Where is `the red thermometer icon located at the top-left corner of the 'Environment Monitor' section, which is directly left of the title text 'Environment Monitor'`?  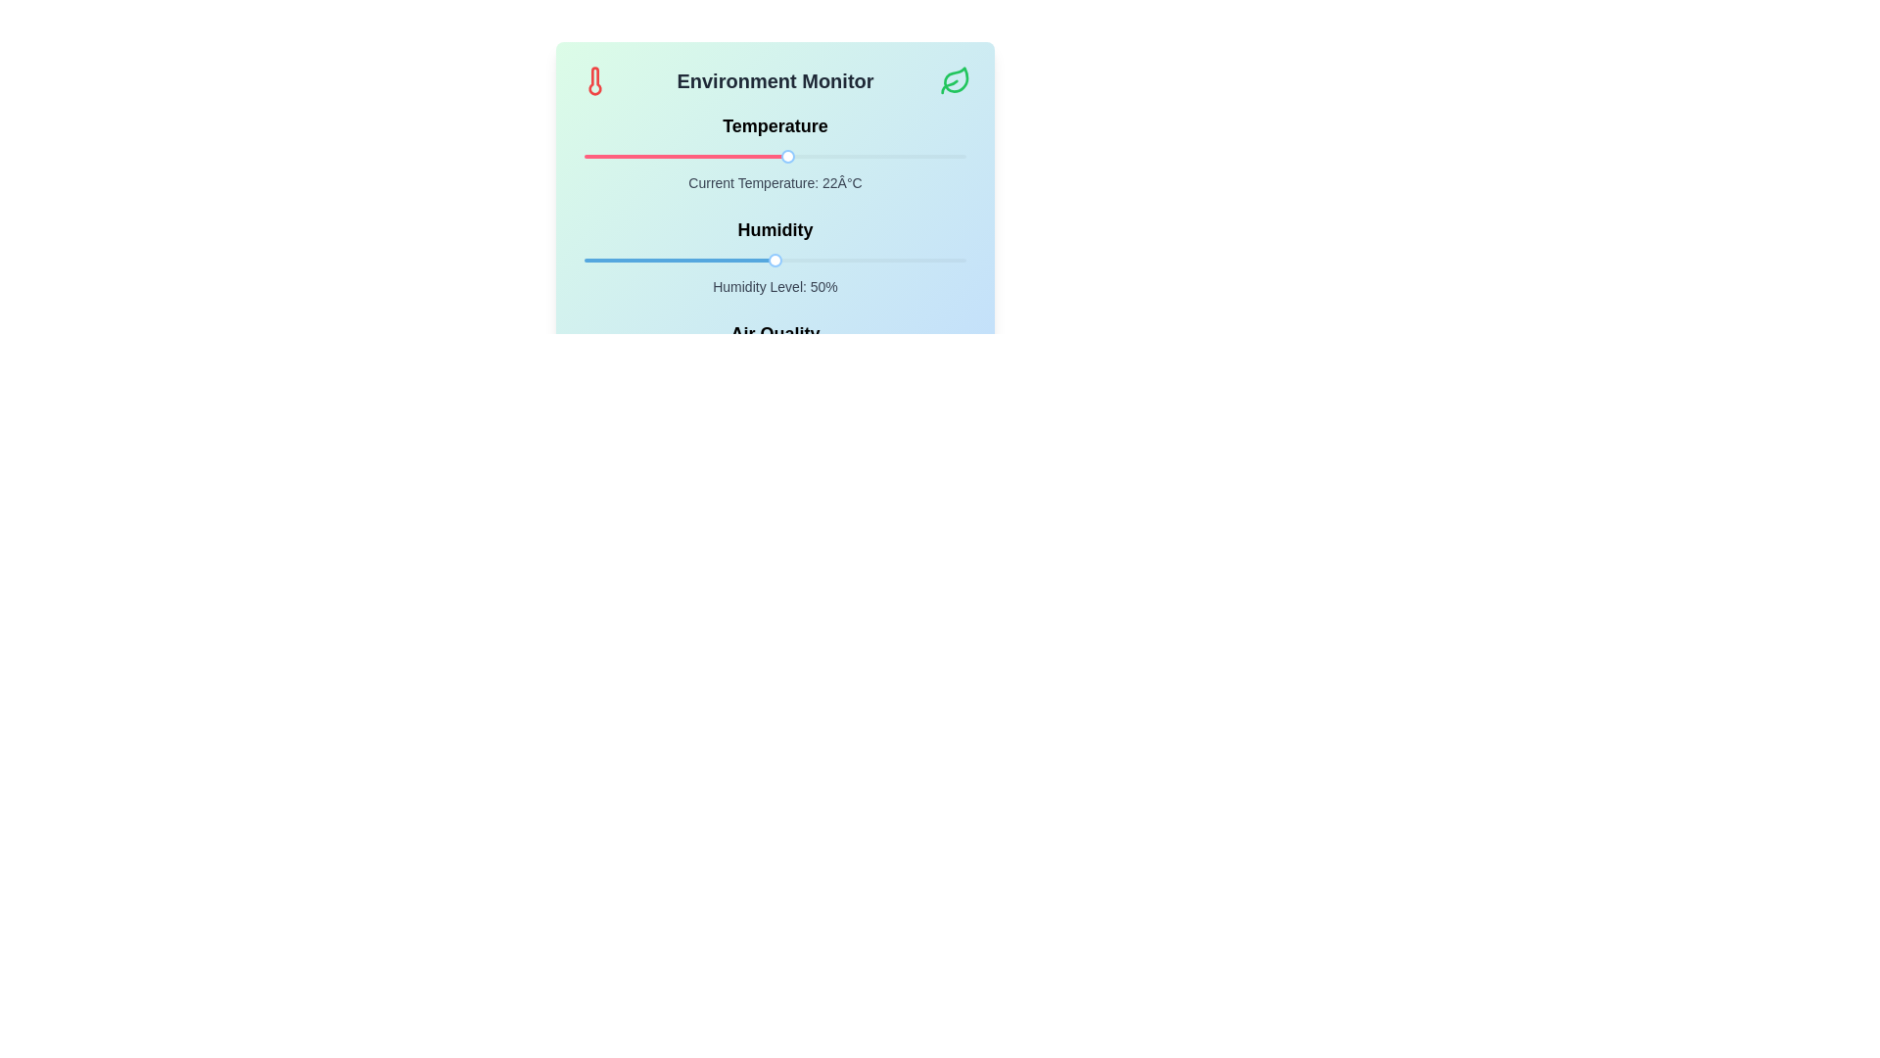 the red thermometer icon located at the top-left corner of the 'Environment Monitor' section, which is directly left of the title text 'Environment Monitor' is located at coordinates (594, 80).